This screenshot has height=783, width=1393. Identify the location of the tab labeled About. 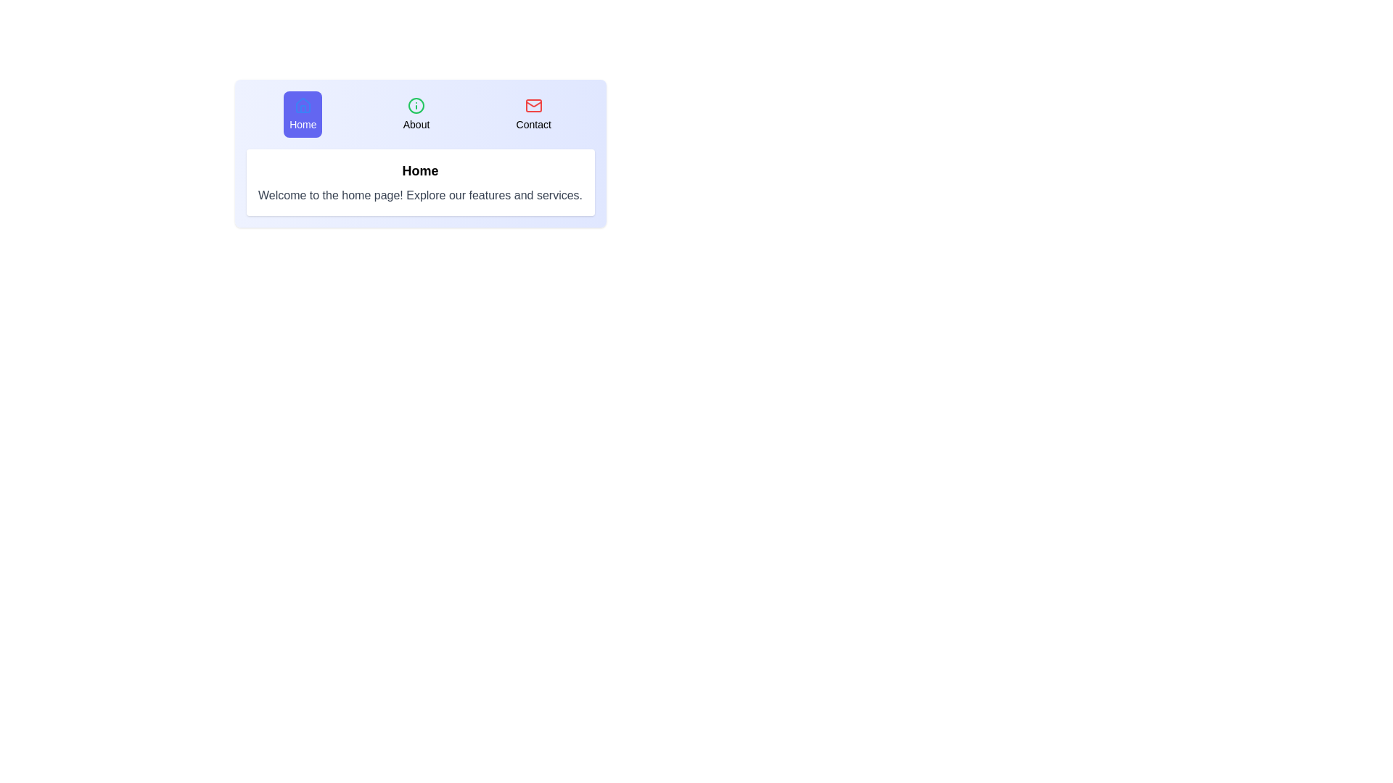
(416, 114).